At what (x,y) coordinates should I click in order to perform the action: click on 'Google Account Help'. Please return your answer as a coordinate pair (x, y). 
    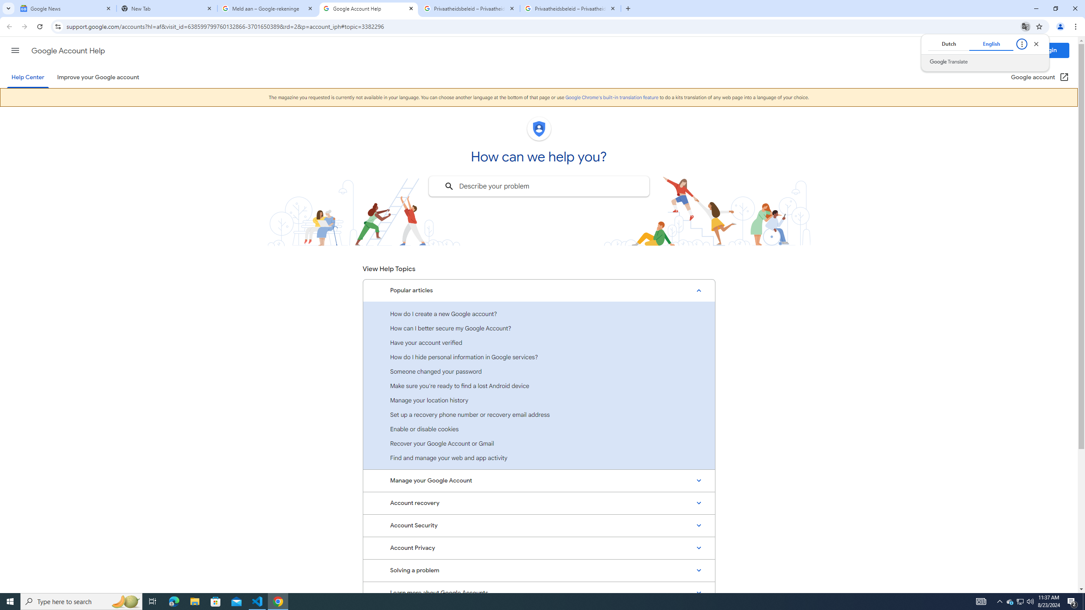
    Looking at the image, I should click on (368, 8).